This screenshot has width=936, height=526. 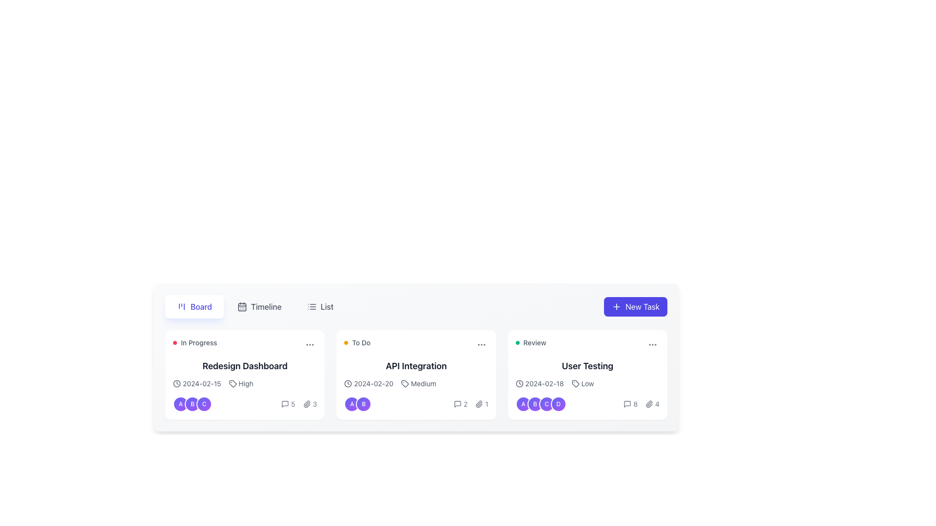 I want to click on the calendar icon located to the left of the 'Timeline' text in the top section of the interface, so click(x=242, y=306).